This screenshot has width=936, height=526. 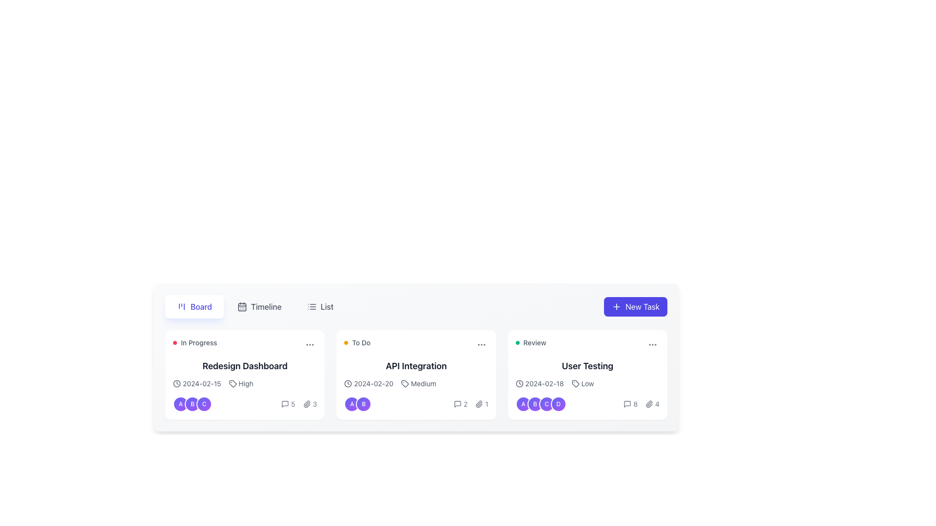 I want to click on the calendar icon located to the left of the 'Timeline' text in the top section of the interface, so click(x=242, y=306).